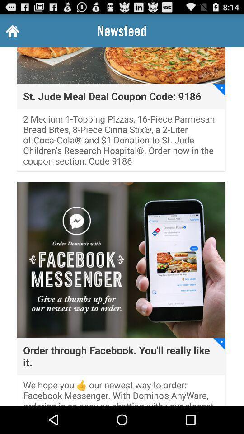 This screenshot has width=244, height=434. I want to click on icon next to st jude meal, so click(219, 90).